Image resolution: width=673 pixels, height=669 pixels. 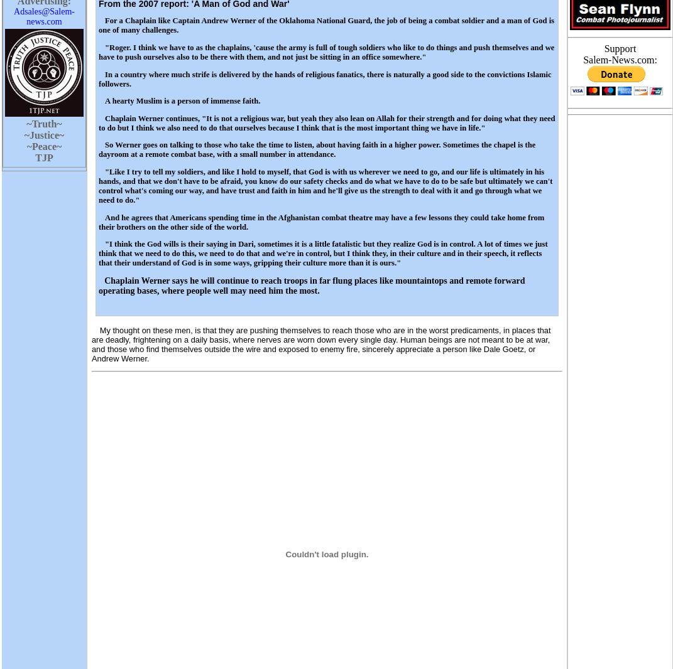 I want to click on 'Support', so click(x=619, y=48).